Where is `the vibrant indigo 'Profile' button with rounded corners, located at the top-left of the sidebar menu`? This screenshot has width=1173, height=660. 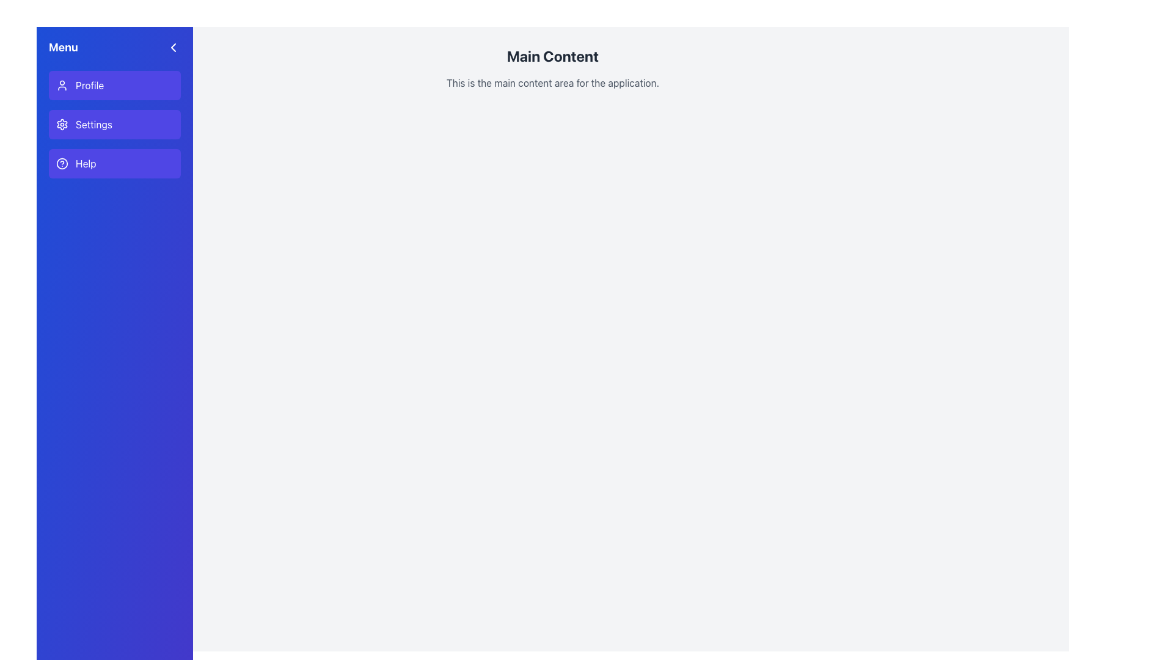 the vibrant indigo 'Profile' button with rounded corners, located at the top-left of the sidebar menu is located at coordinates (114, 84).